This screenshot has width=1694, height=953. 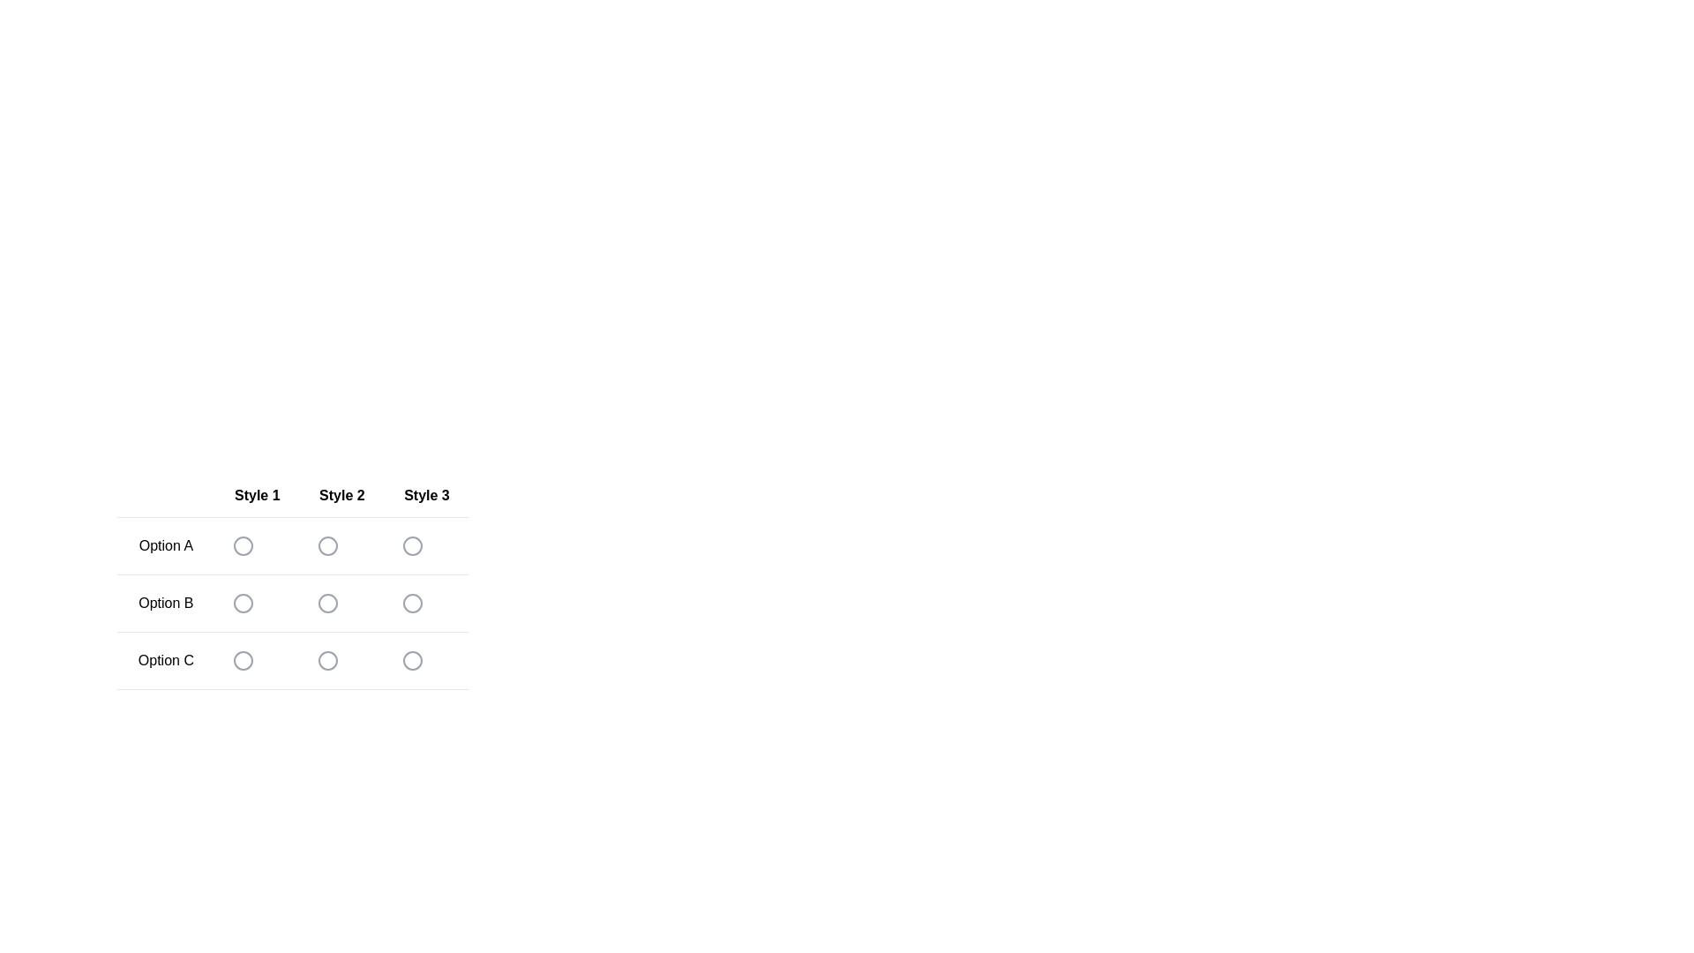 I want to click on the radio button located in the first row under the column labeled 'Style 2', so click(x=327, y=544).